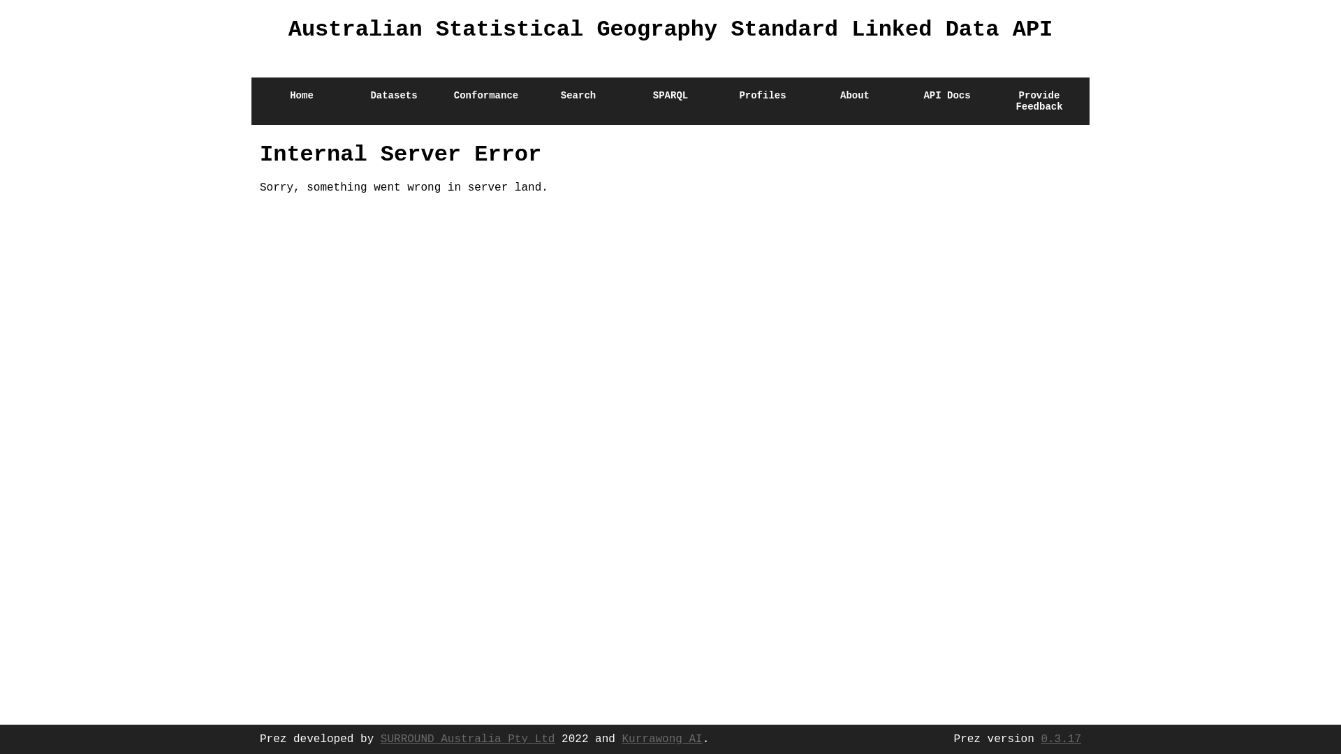 The height and width of the screenshot is (754, 1341). Describe the element at coordinates (393, 101) in the screenshot. I see `'Datasets'` at that location.